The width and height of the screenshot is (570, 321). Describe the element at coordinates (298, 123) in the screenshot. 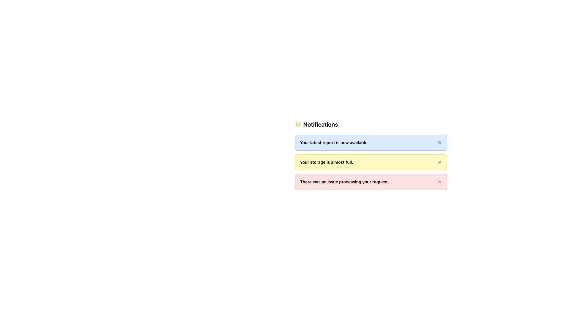

I see `the curved line styled as the bottom part of the bell icon` at that location.